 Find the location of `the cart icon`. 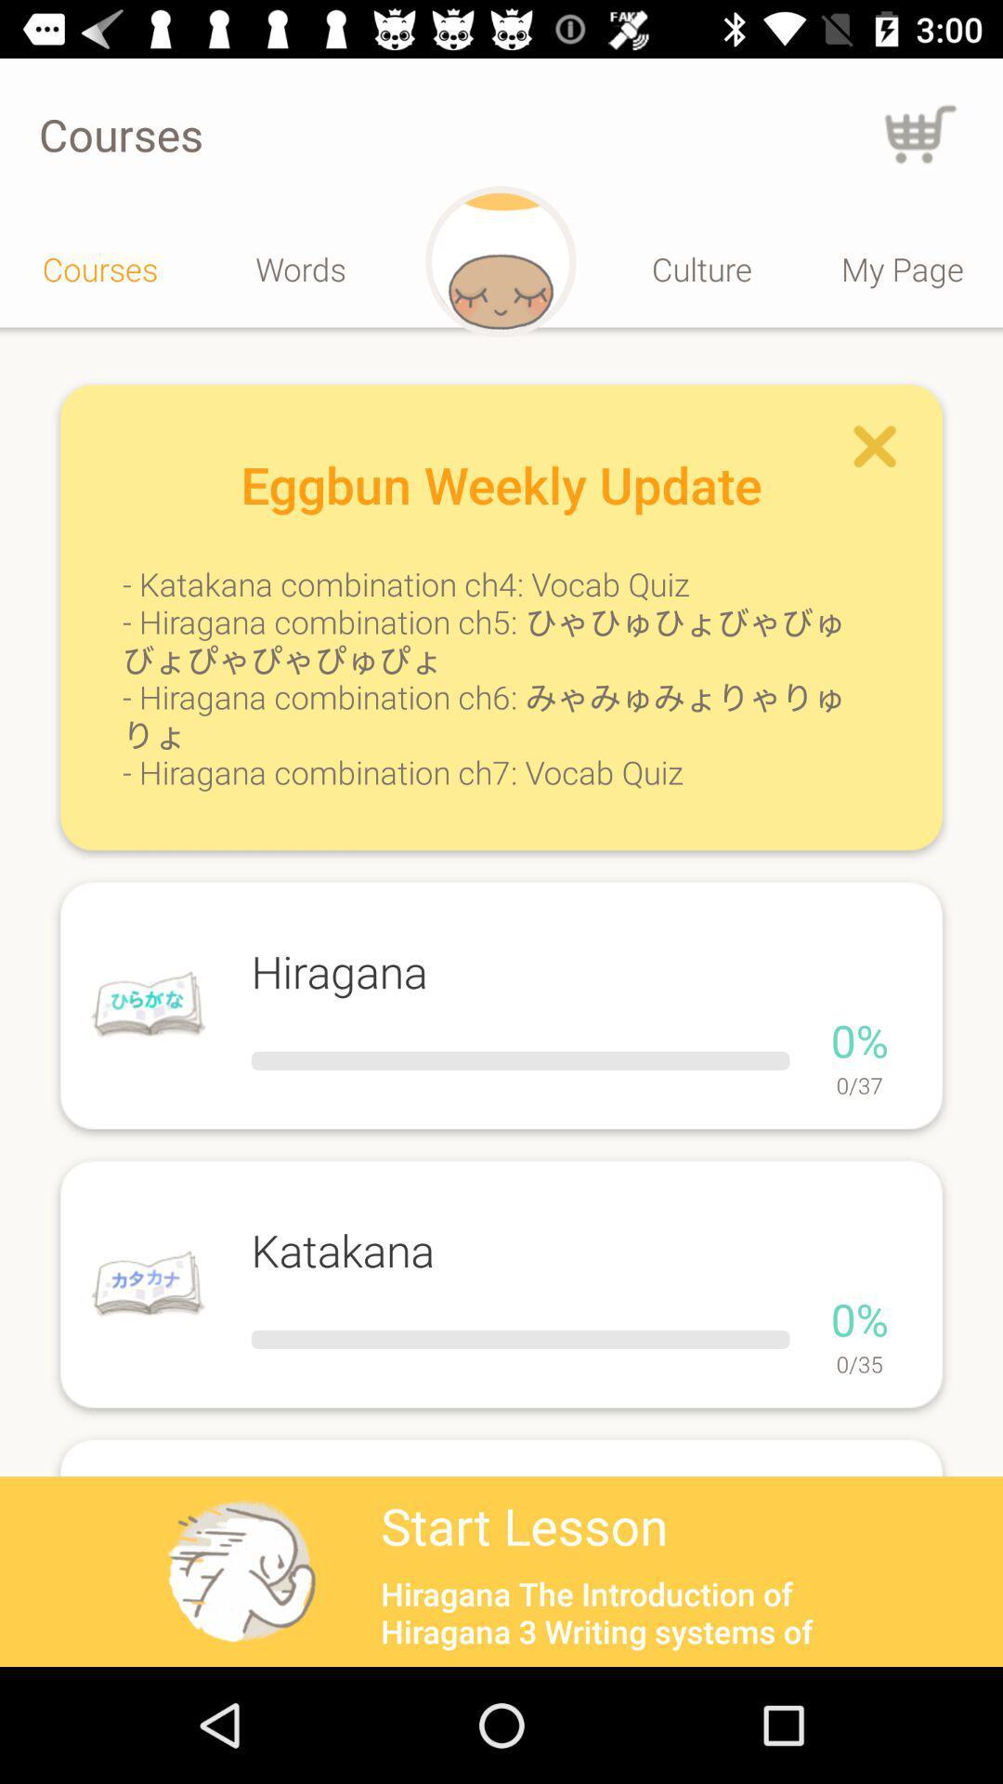

the cart icon is located at coordinates (920, 133).